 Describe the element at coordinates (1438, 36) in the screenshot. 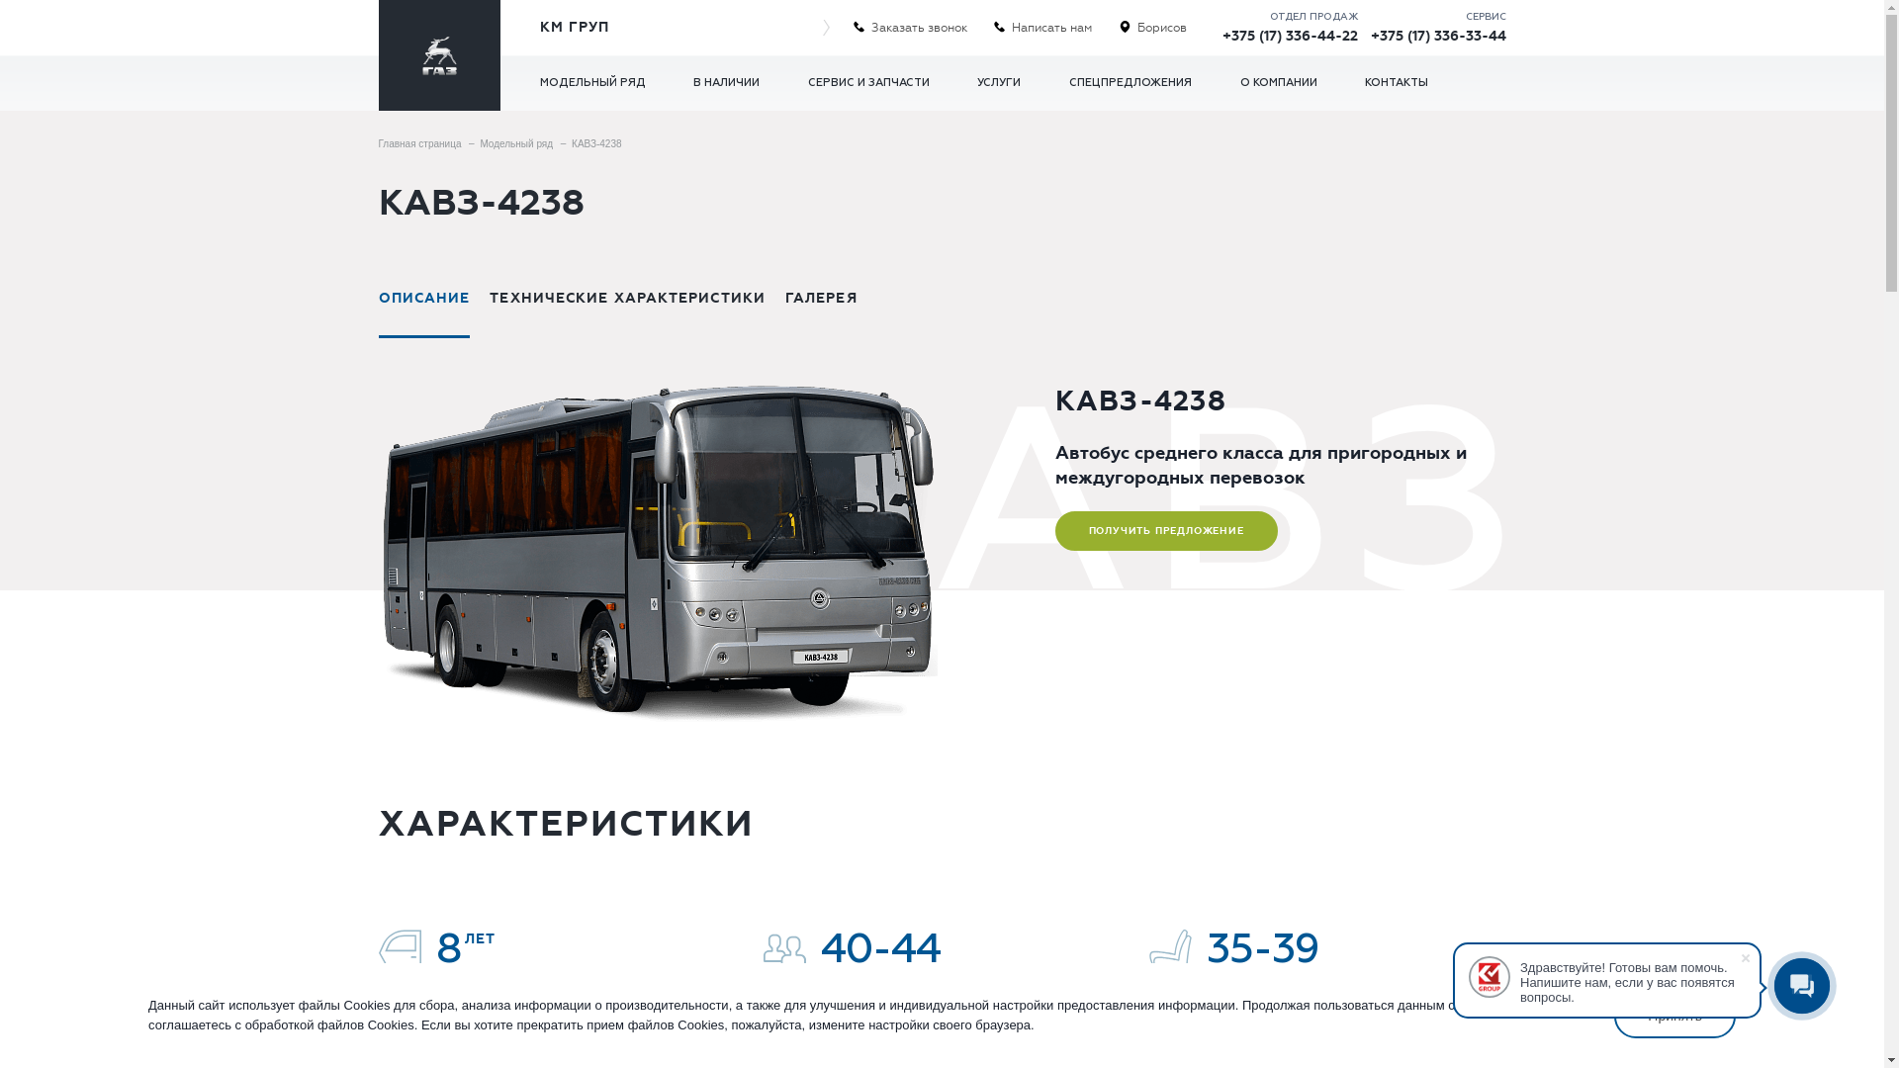

I see `'+375 (17) 336-33-44'` at that location.